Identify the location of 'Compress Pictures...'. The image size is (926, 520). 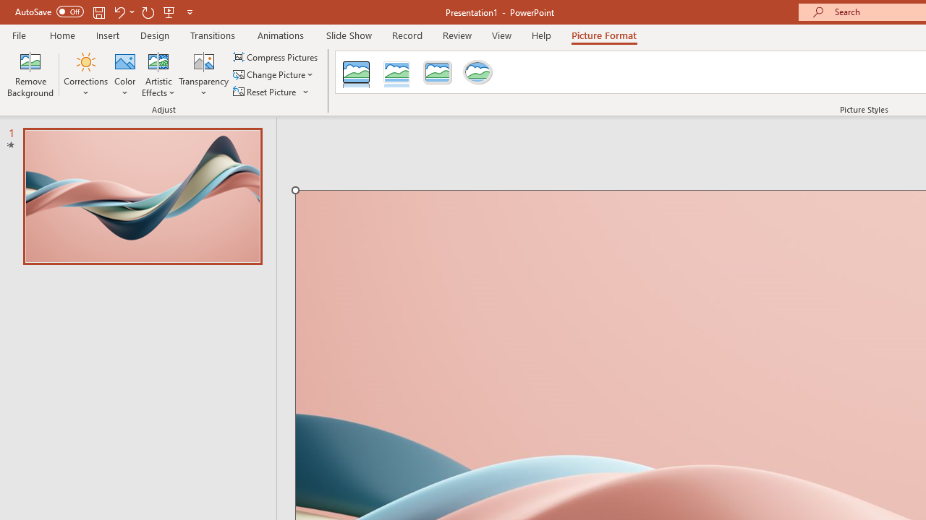
(276, 56).